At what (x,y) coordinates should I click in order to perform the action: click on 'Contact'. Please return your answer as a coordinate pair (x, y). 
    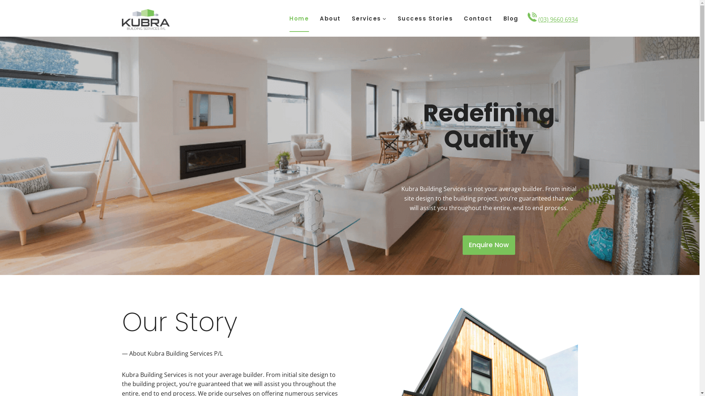
    Looking at the image, I should click on (478, 18).